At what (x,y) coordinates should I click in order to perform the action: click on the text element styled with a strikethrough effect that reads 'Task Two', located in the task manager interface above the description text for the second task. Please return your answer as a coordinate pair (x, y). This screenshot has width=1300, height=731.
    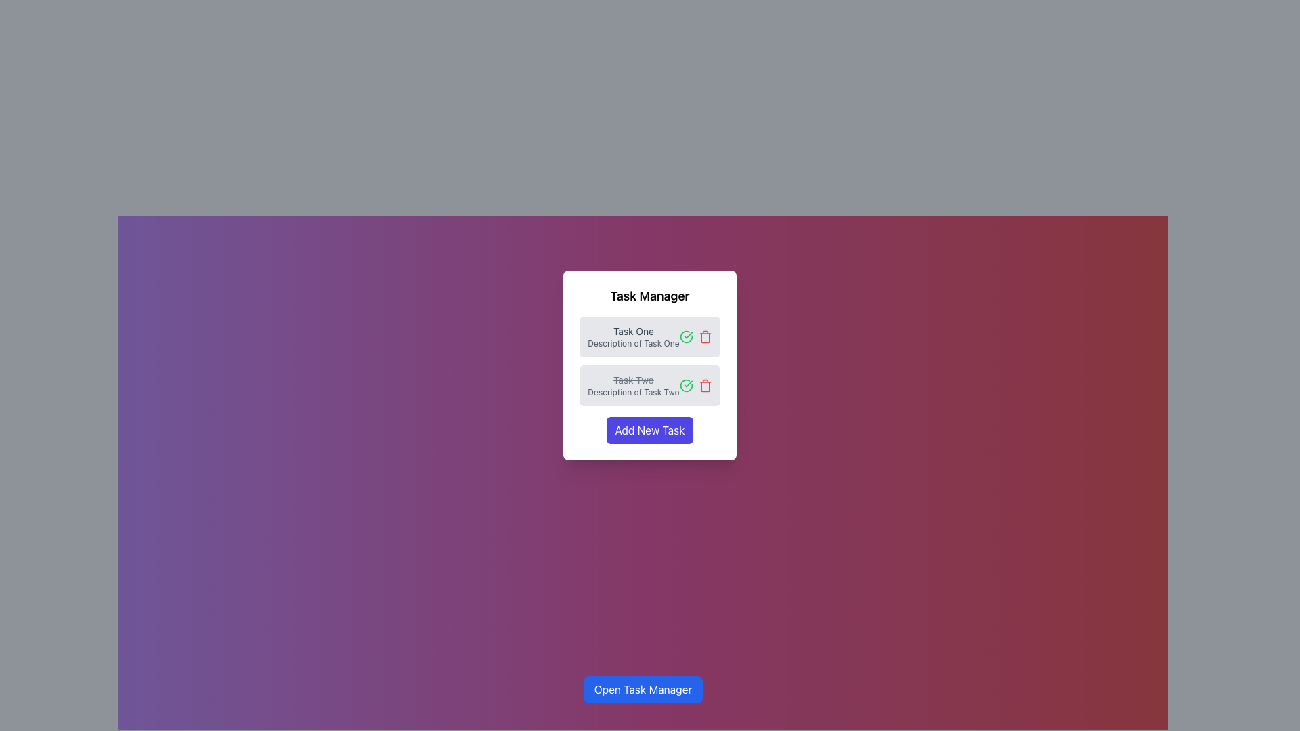
    Looking at the image, I should click on (633, 380).